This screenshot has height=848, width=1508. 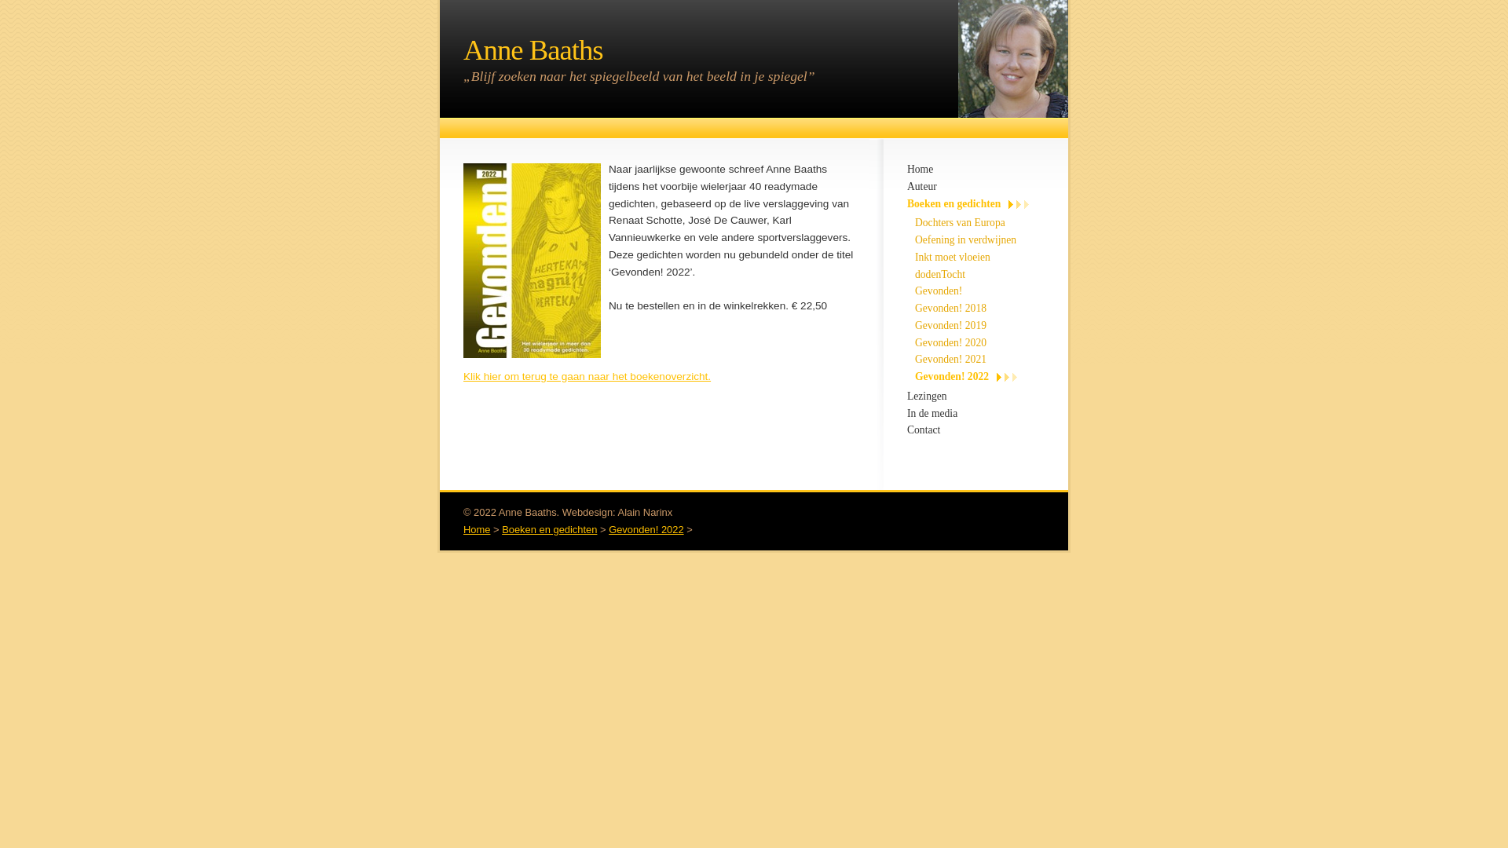 What do you see at coordinates (915, 341) in the screenshot?
I see `'Gevonden! 2020'` at bounding box center [915, 341].